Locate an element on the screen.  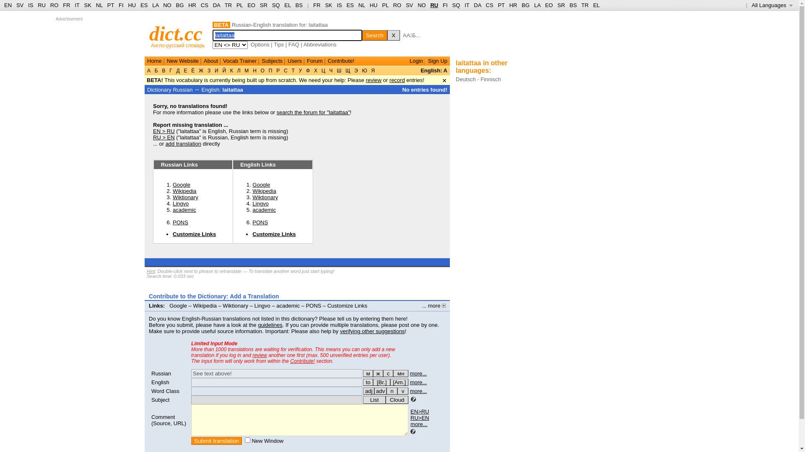
'Options' is located at coordinates (260, 44).